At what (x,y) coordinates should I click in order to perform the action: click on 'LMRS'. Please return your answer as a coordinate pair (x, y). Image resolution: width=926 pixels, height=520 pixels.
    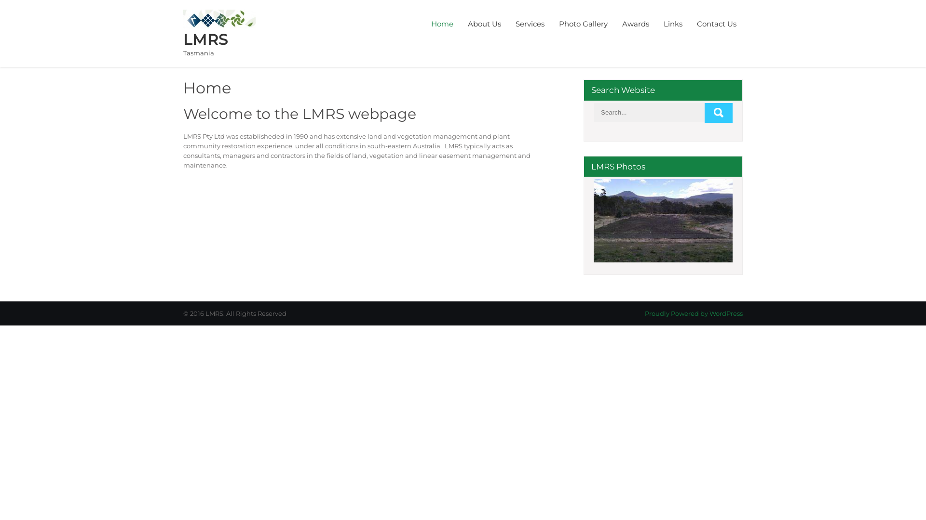
    Looking at the image, I should click on (205, 39).